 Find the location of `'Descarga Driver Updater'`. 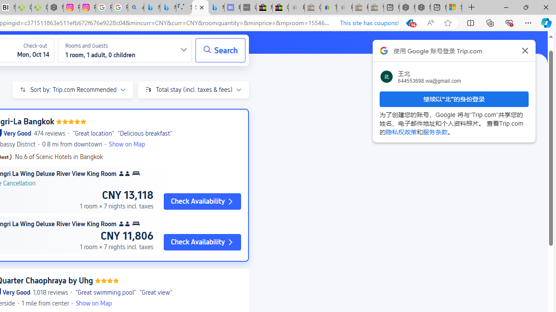

'Descarga Driver Updater' is located at coordinates (39, 7).